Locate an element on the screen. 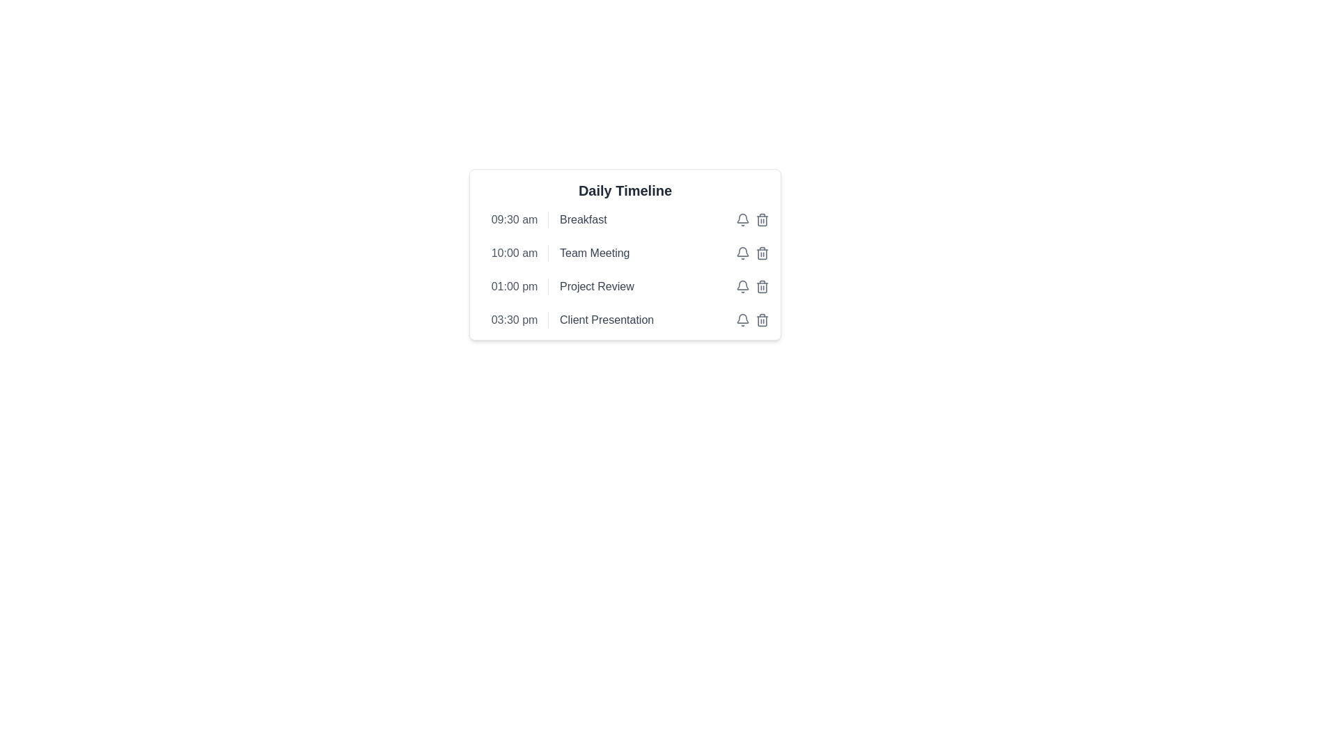 This screenshot has height=752, width=1337. the centrally positioned display panel for the daily schedule to read the schedule text is located at coordinates (624, 289).